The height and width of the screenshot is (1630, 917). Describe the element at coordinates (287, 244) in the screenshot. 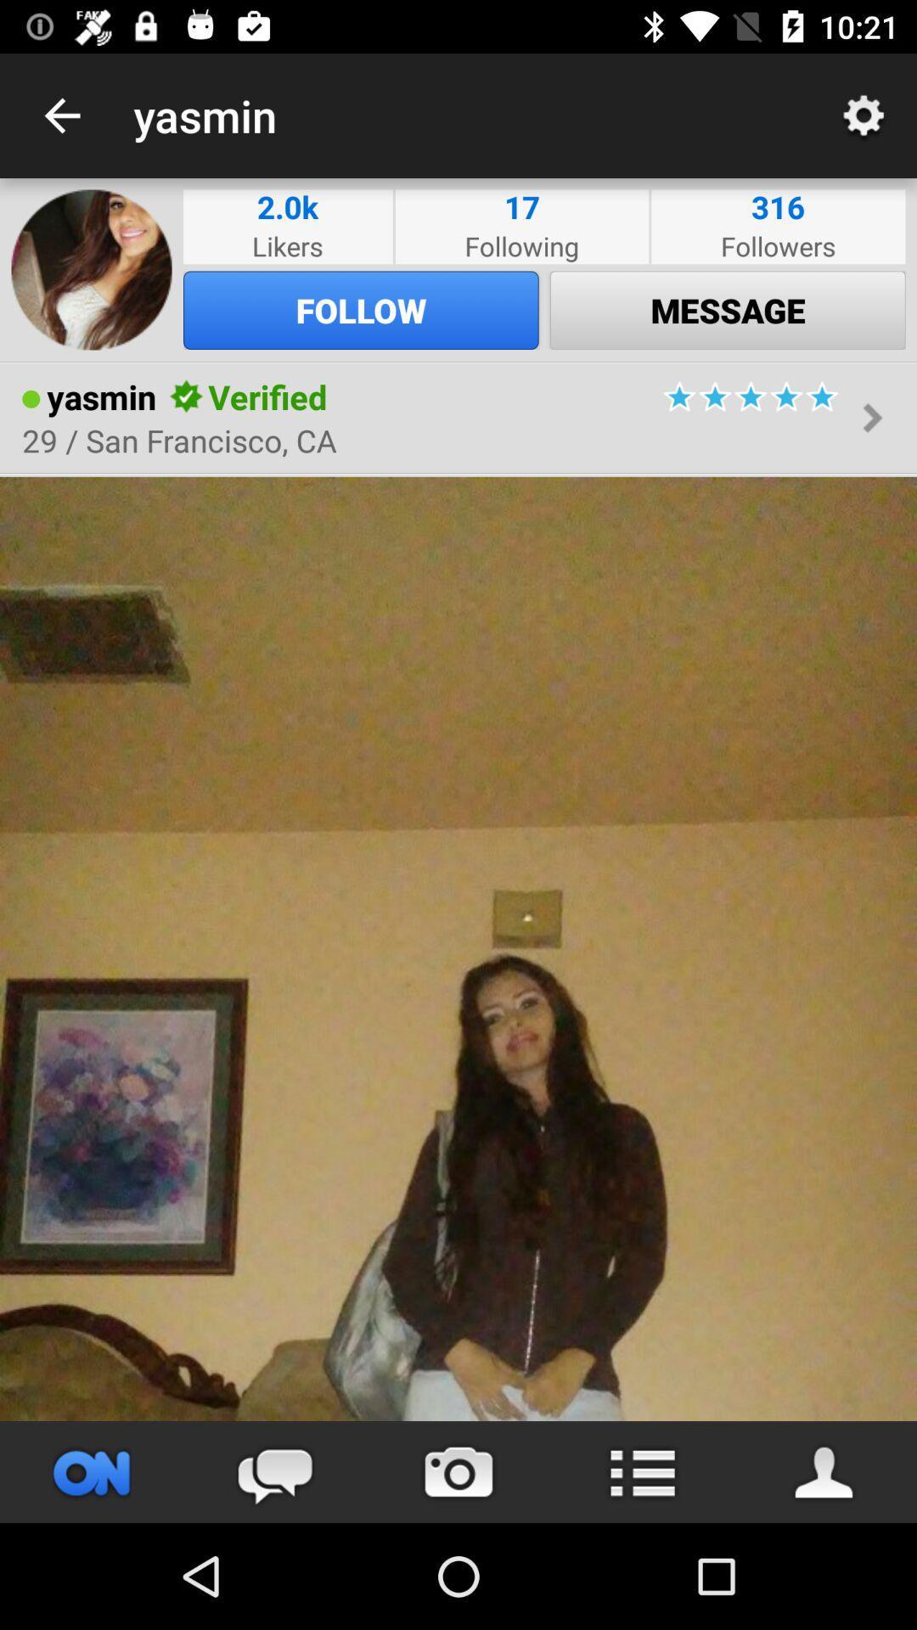

I see `likers item` at that location.